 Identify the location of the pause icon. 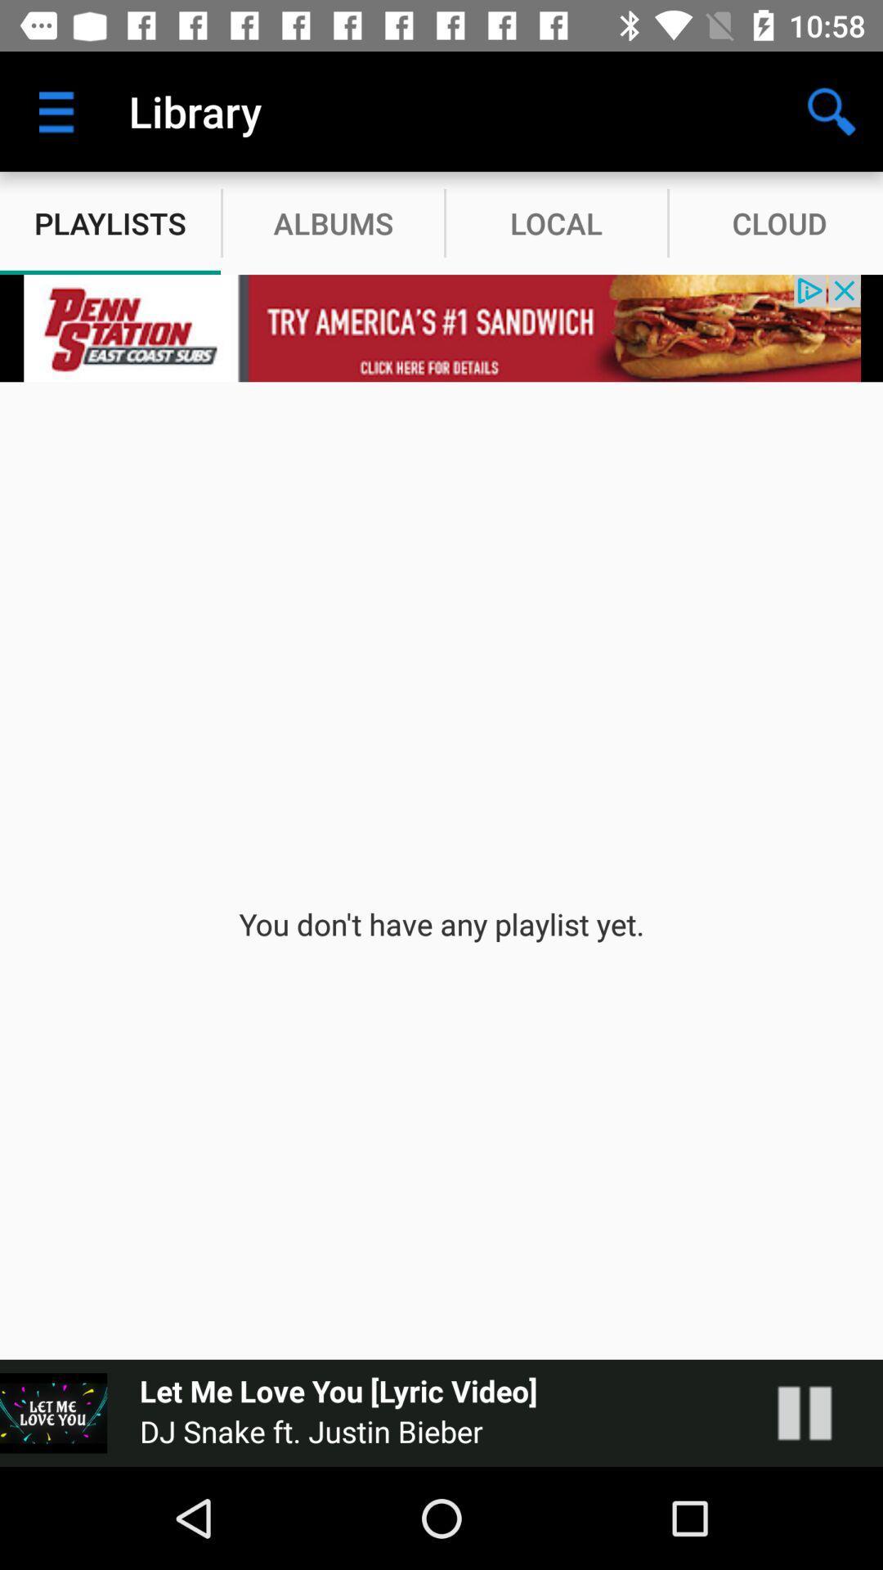
(821, 1412).